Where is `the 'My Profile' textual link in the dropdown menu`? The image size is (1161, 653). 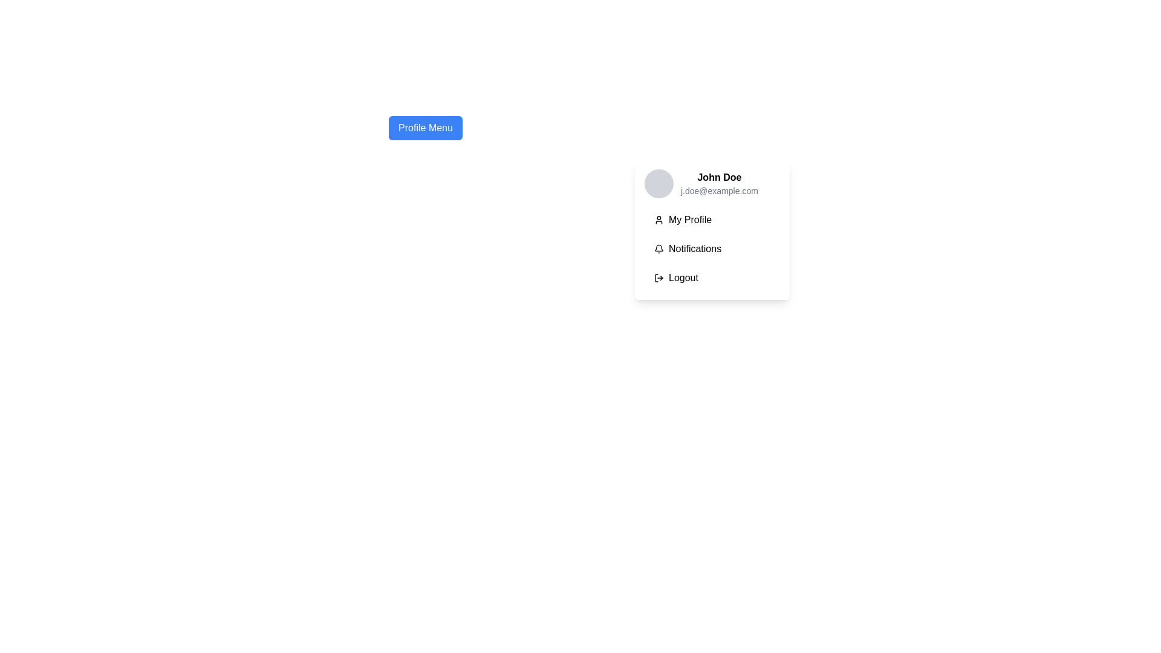
the 'My Profile' textual link in the dropdown menu is located at coordinates (712, 230).